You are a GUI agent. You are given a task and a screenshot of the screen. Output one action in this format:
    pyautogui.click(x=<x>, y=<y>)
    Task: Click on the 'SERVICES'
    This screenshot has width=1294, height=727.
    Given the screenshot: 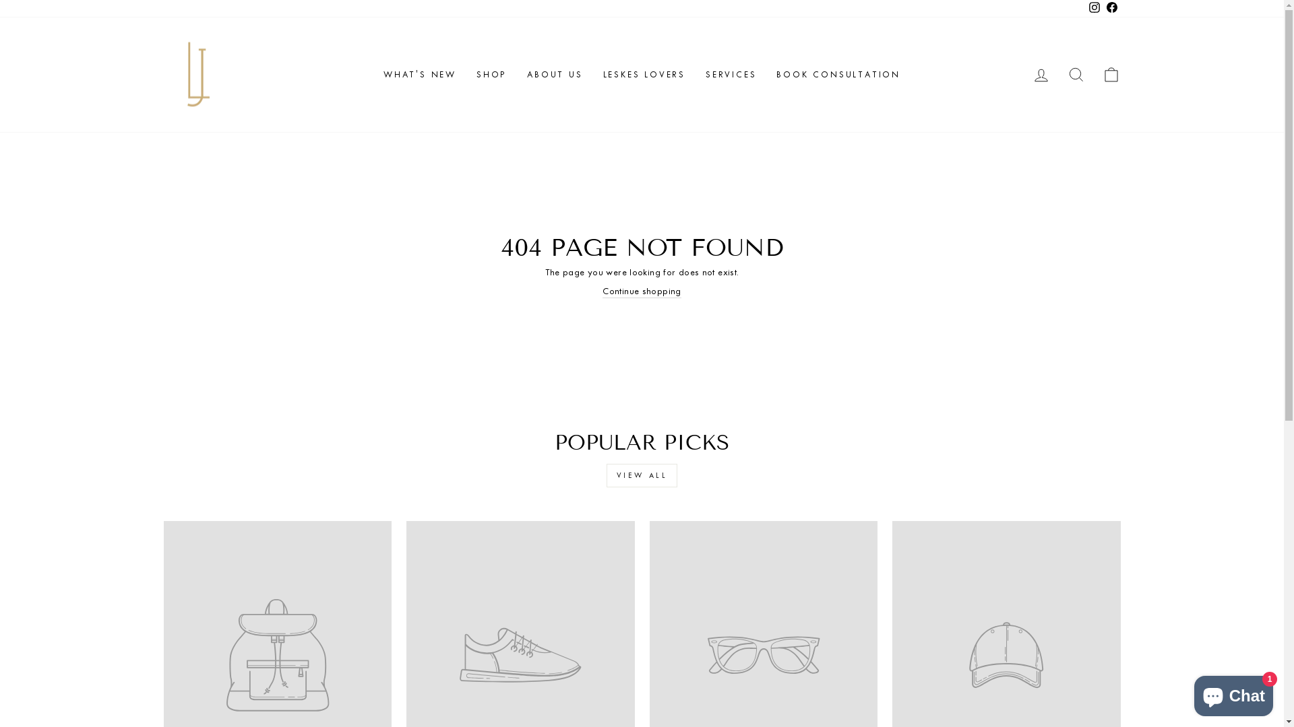 What is the action you would take?
    pyautogui.click(x=730, y=75)
    